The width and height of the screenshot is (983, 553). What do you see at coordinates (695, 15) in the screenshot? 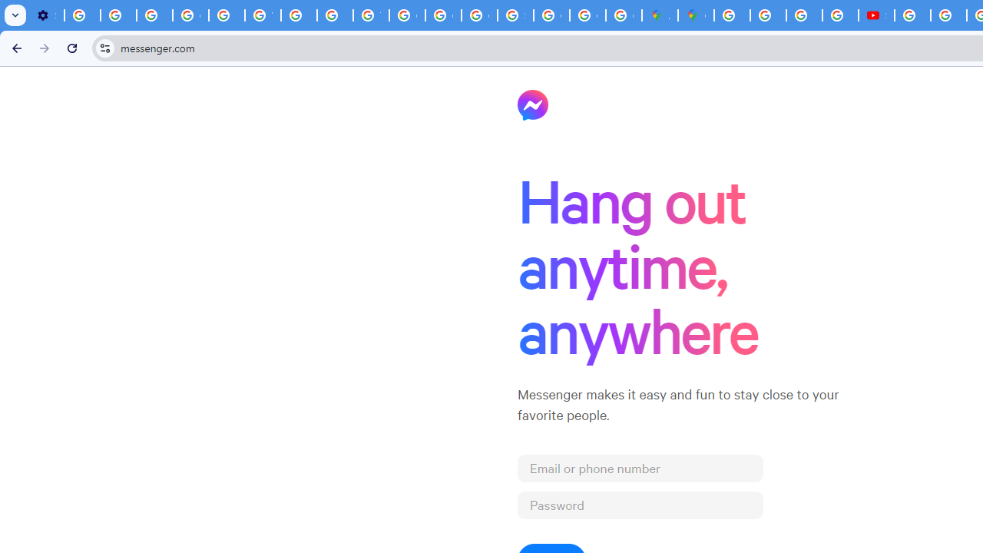
I see `'Google Maps'` at bounding box center [695, 15].